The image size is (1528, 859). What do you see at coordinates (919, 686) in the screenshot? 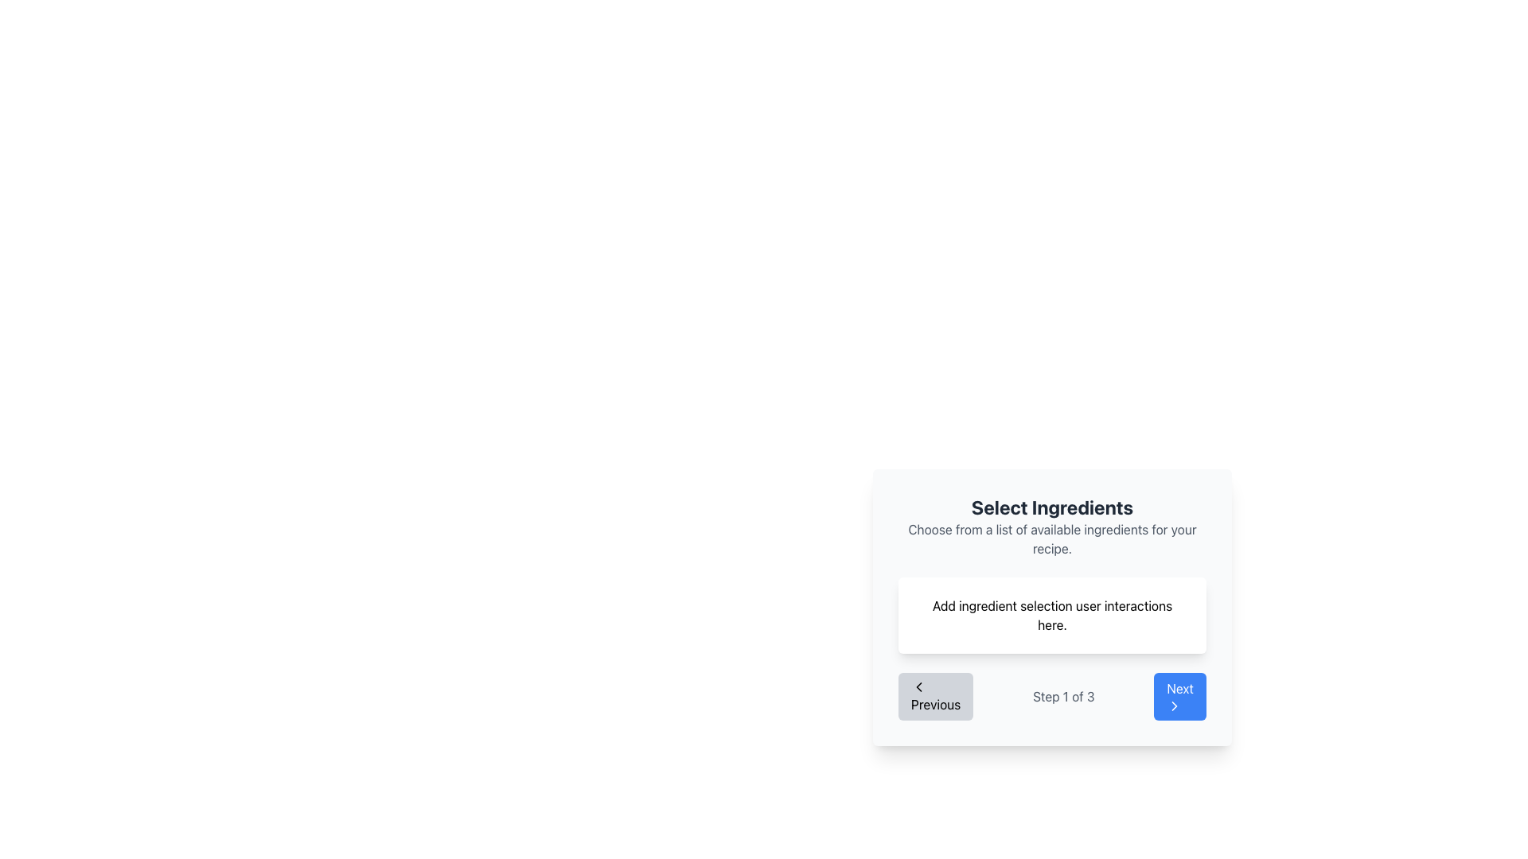
I see `the disabled 'Previous' icon located at the bottom left section of the interface, preceding the text 'Previous'` at bounding box center [919, 686].